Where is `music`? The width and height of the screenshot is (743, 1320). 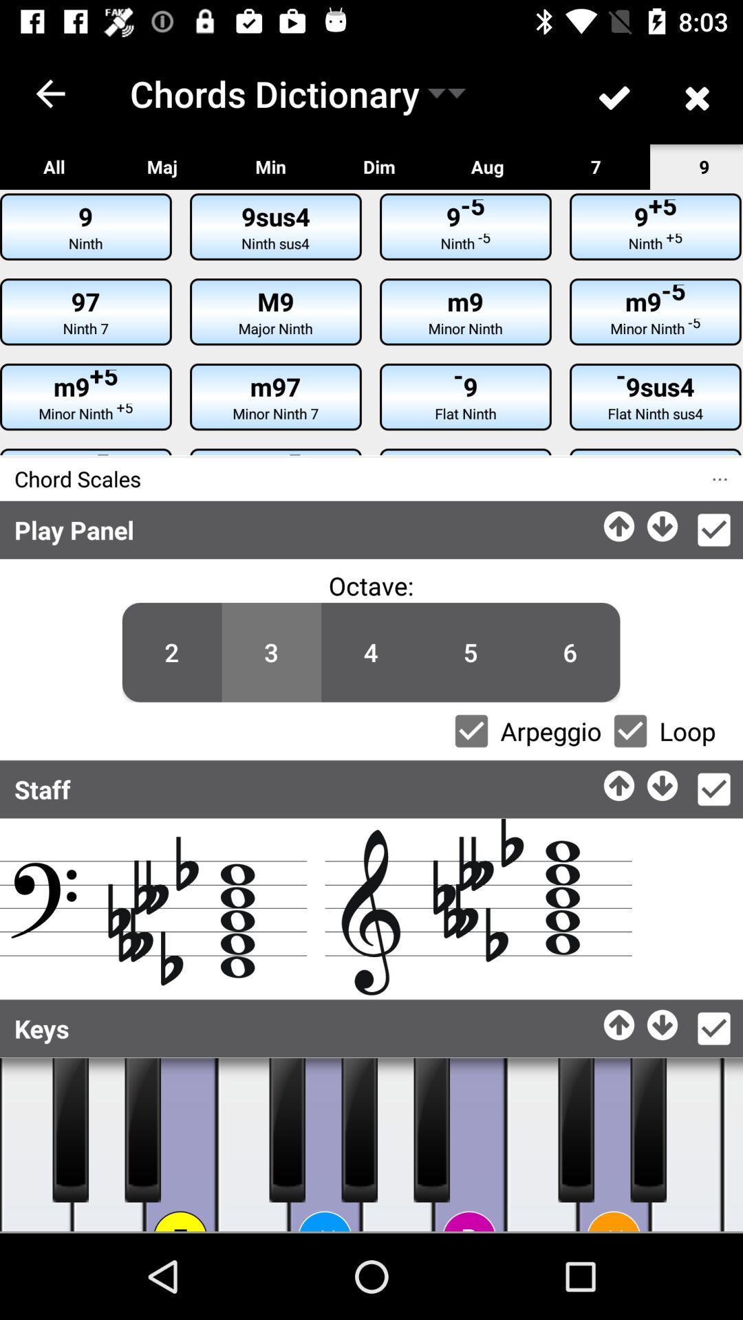
music is located at coordinates (431, 1130).